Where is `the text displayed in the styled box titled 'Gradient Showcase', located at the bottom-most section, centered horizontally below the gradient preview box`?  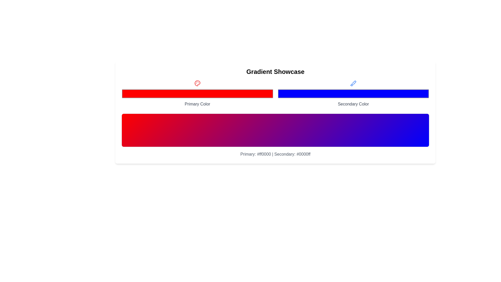
the text displayed in the styled box titled 'Gradient Showcase', located at the bottom-most section, centered horizontally below the gradient preview box is located at coordinates (275, 154).